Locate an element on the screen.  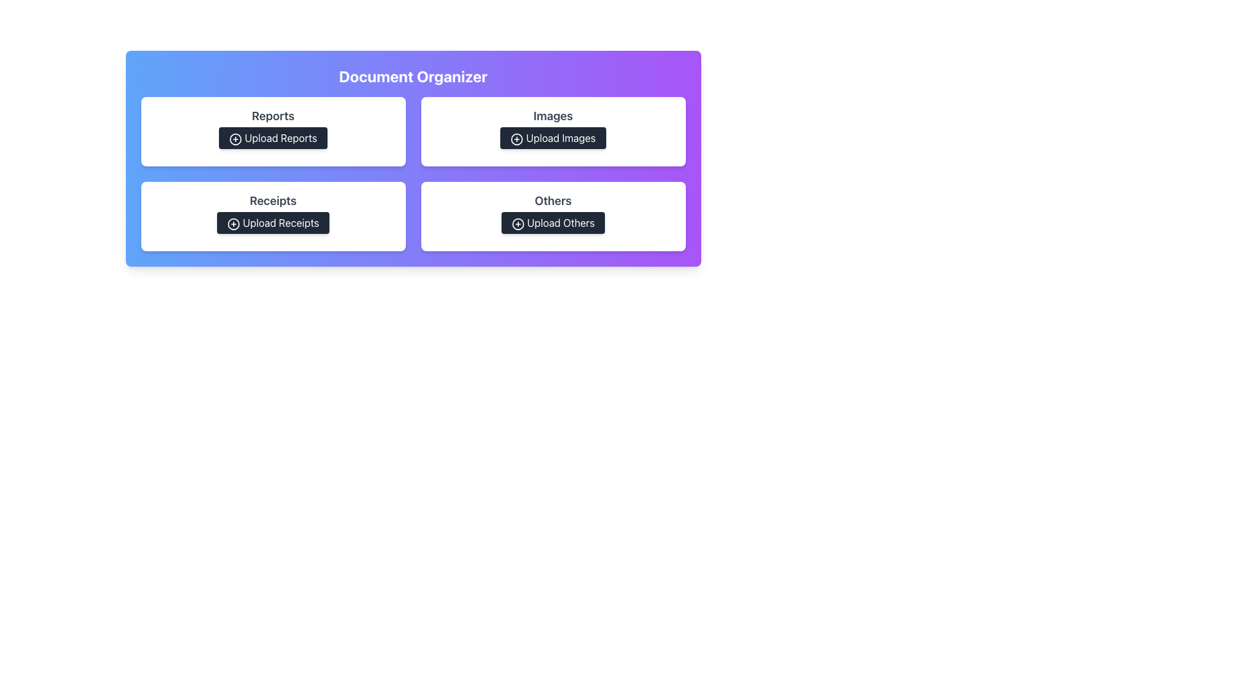
the 'Upload Images' button, which has a dark gray background, white text, and an icon of a circle with a plus sign is located at coordinates (553, 138).